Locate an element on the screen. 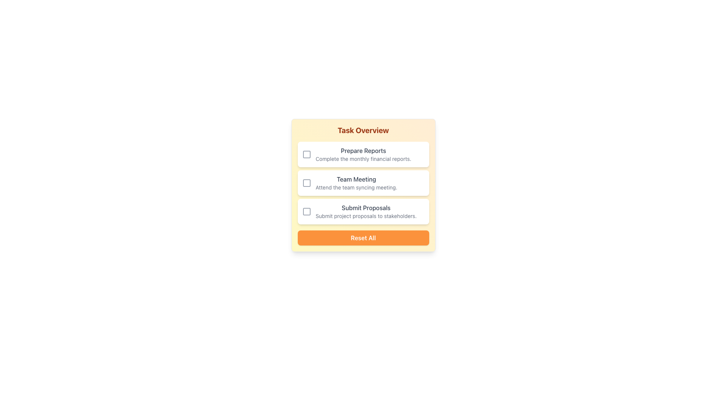 Image resolution: width=721 pixels, height=406 pixels. the text label displaying the message 'Submit project proposals to stakeholders.' located beneath the bold text 'Submit Proposals.' is located at coordinates (366, 216).